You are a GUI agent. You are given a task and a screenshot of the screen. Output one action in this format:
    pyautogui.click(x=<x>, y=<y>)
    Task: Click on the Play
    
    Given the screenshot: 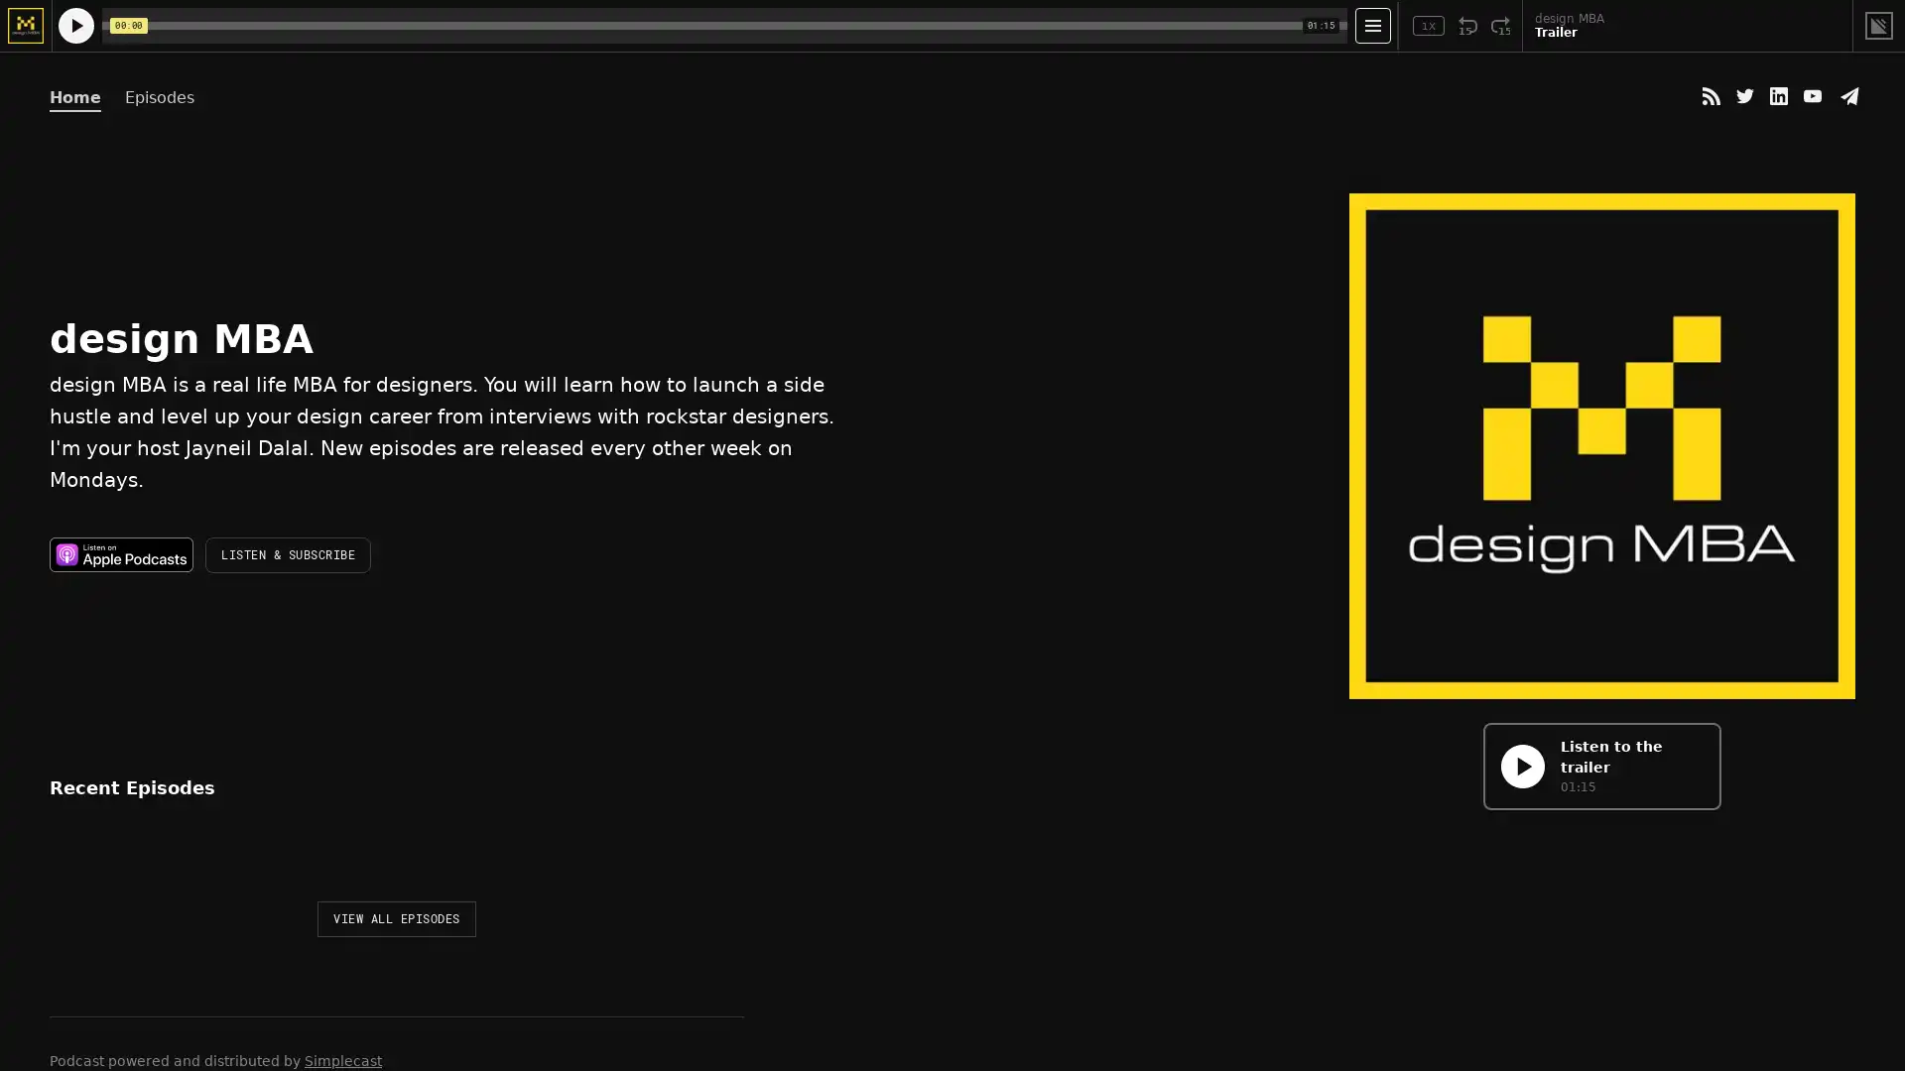 What is the action you would take?
    pyautogui.click(x=1521, y=765)
    